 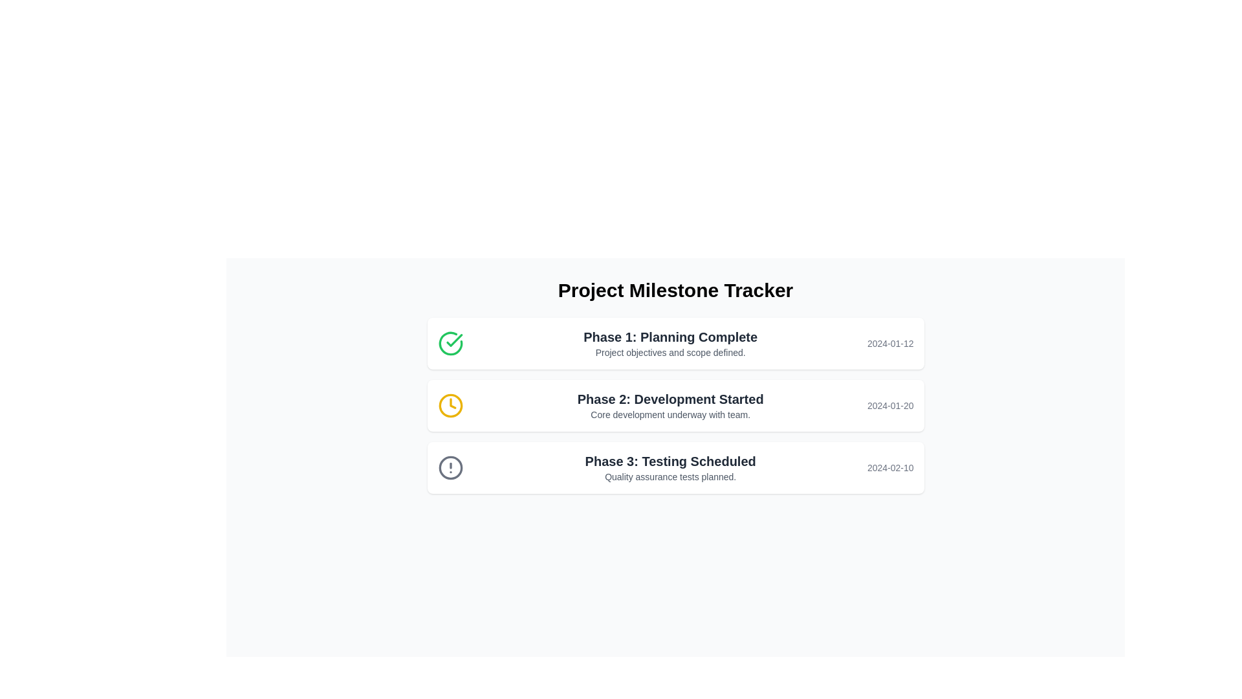 What do you see at coordinates (670, 467) in the screenshot?
I see `the informational display indicating the scheduling of quality assurance tests for Phase 3 in the project timeline, located in the third card under the 'Project Milestone Tracker' heading` at bounding box center [670, 467].